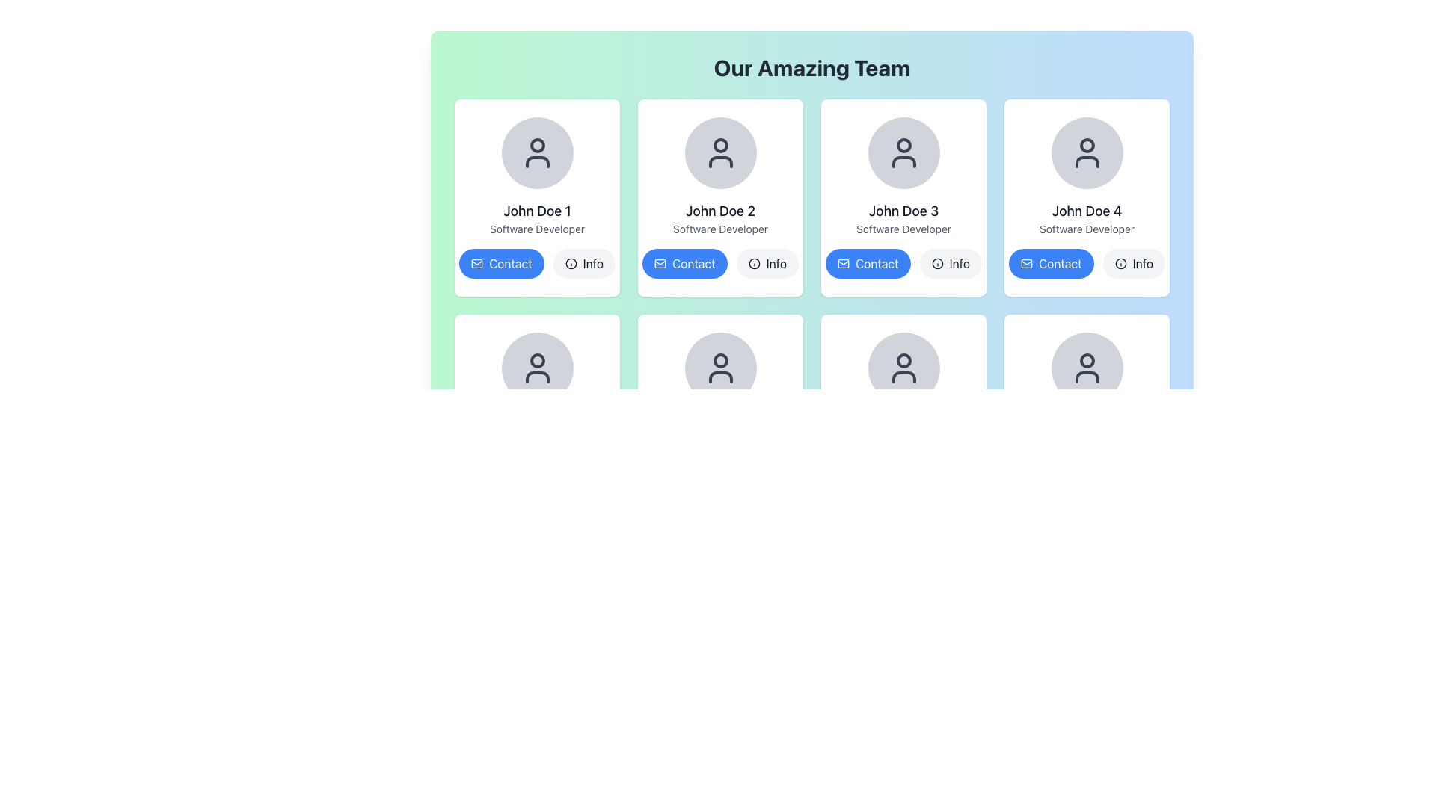 The width and height of the screenshot is (1436, 807). I want to click on the decorative graphical element of the user profile icon located in the fourth column of the team section, so click(720, 360).